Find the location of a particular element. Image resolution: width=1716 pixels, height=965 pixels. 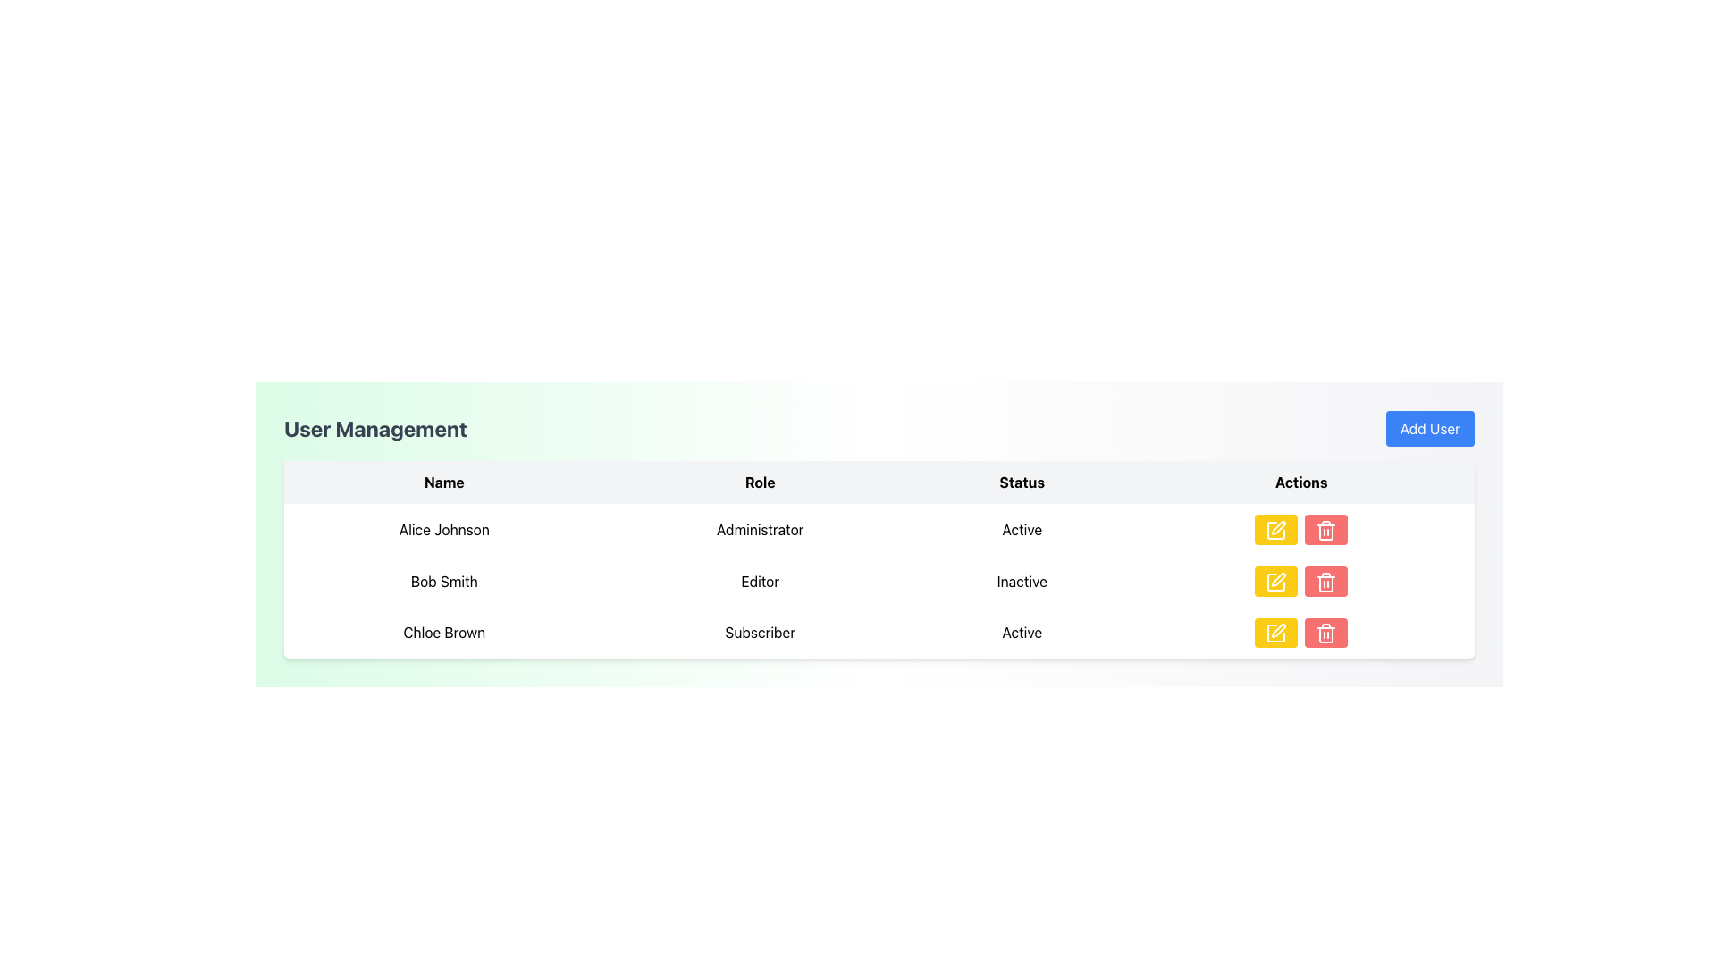

the action button group for user 'Alice Johnson' is located at coordinates (1301, 528).